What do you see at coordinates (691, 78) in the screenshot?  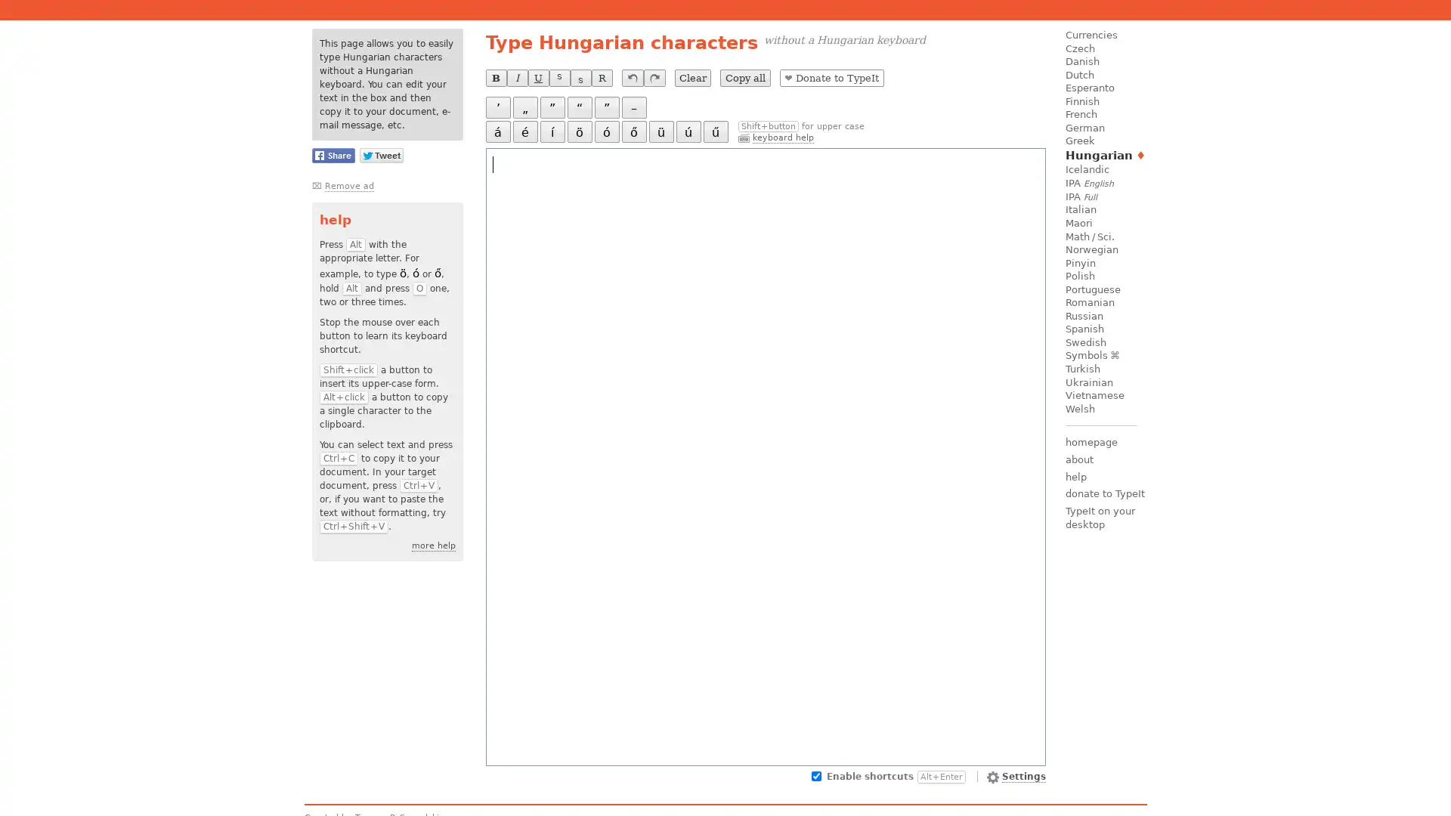 I see `Clear` at bounding box center [691, 78].